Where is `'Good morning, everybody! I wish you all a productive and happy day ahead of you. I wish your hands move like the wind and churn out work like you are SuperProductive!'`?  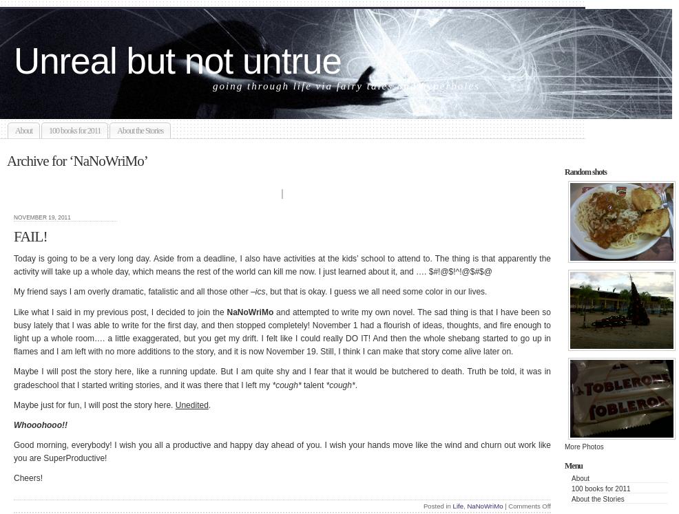
'Good morning, everybody! I wish you all a productive and happy day ahead of you. I wish your hands move like the wind and churn out work like you are SuperProductive!' is located at coordinates (281, 451).